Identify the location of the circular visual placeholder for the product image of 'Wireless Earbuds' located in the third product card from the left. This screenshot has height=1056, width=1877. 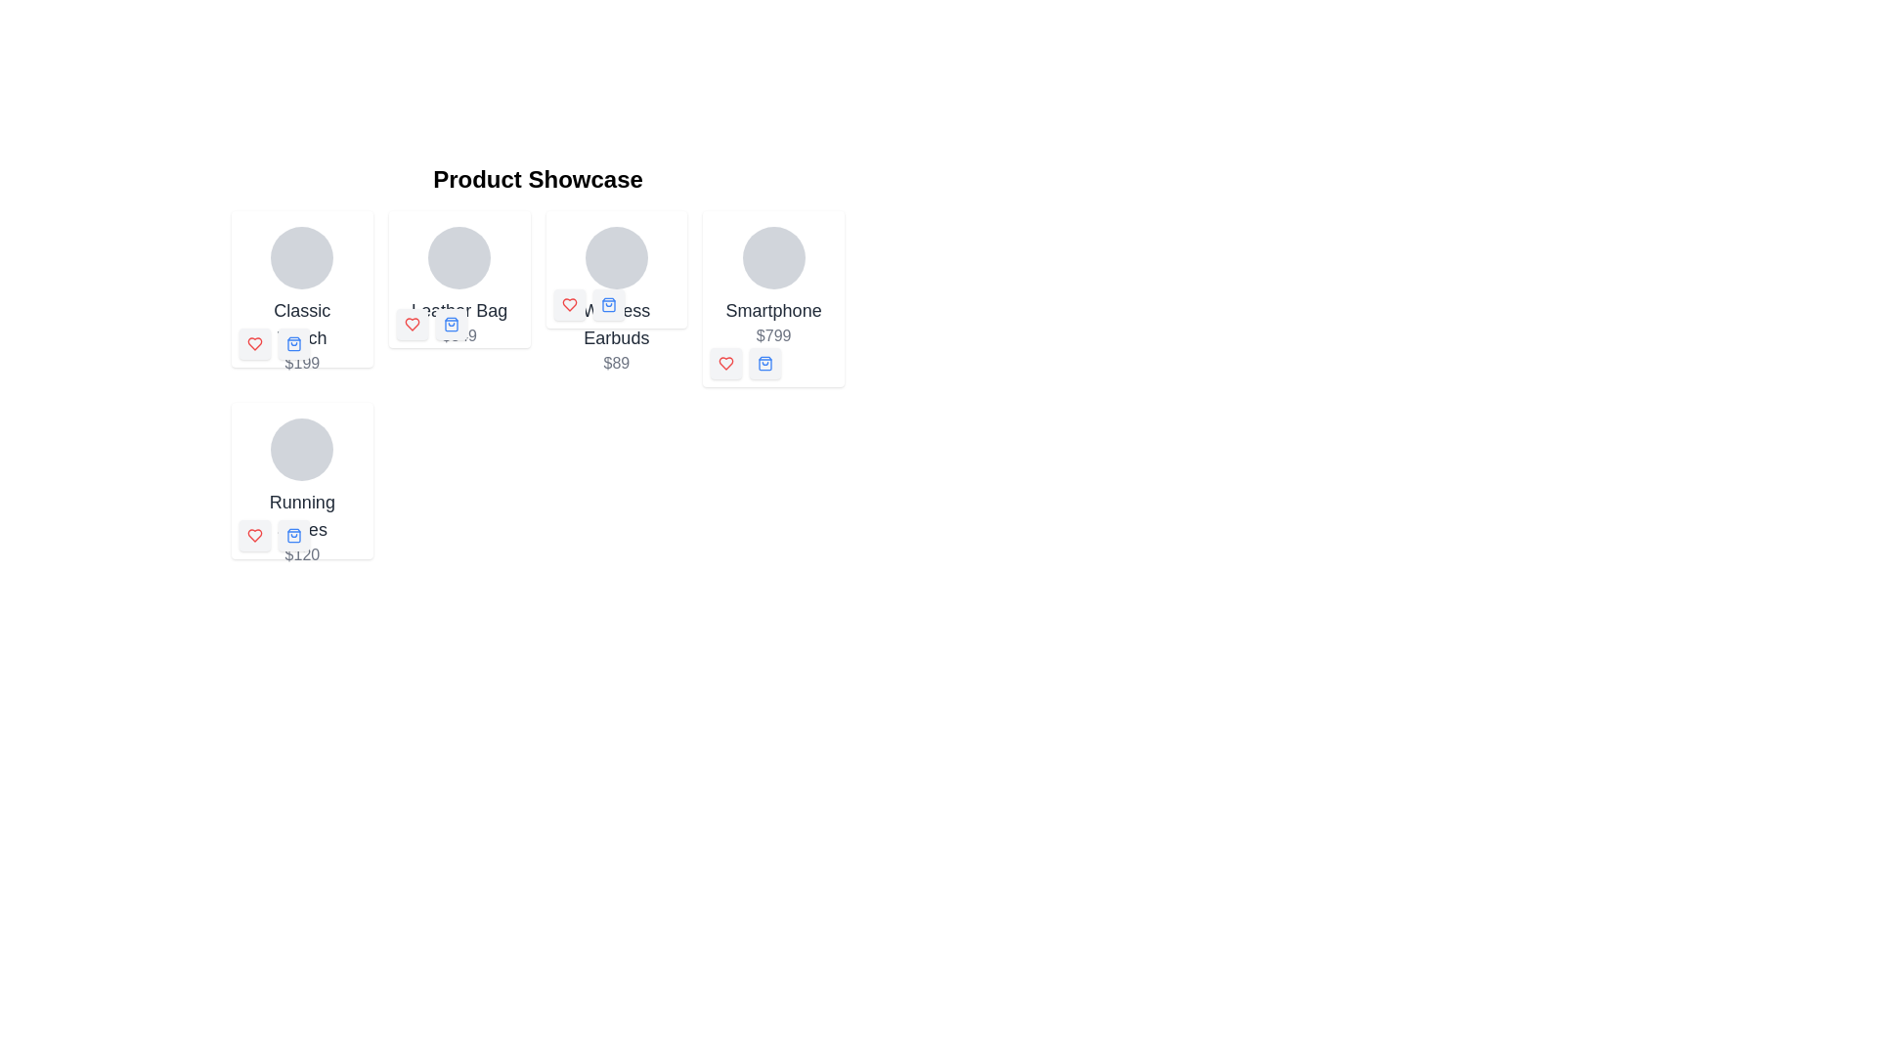
(615, 256).